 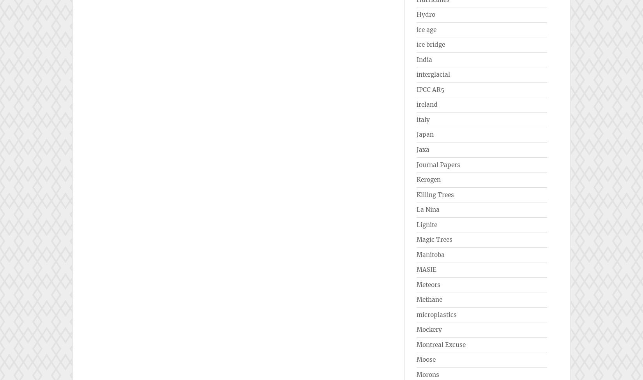 I want to click on 'Methane', so click(x=429, y=299).